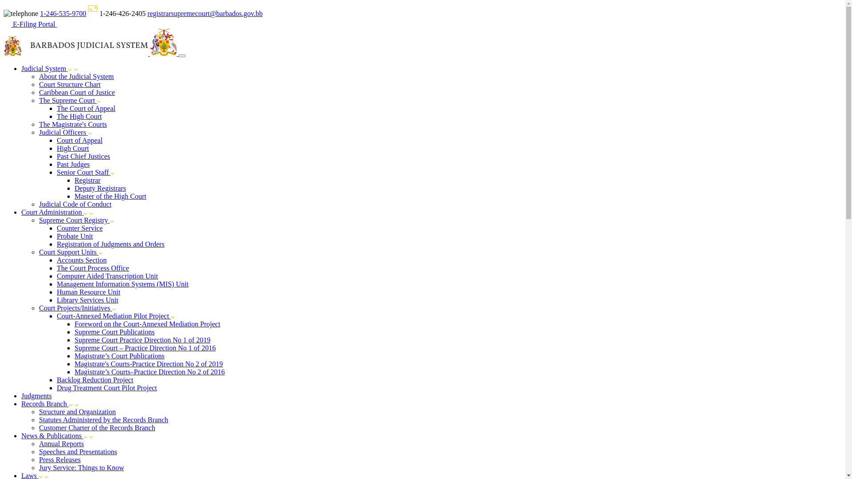  I want to click on 'Probate Unit', so click(75, 236).